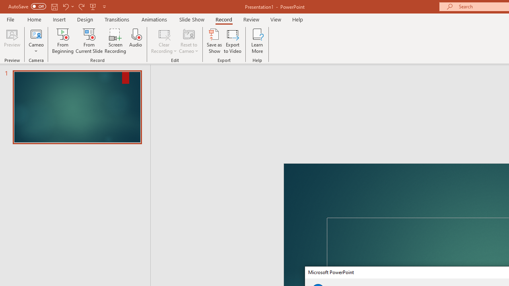 This screenshot has width=509, height=286. What do you see at coordinates (115, 41) in the screenshot?
I see `'Screen Recording'` at bounding box center [115, 41].